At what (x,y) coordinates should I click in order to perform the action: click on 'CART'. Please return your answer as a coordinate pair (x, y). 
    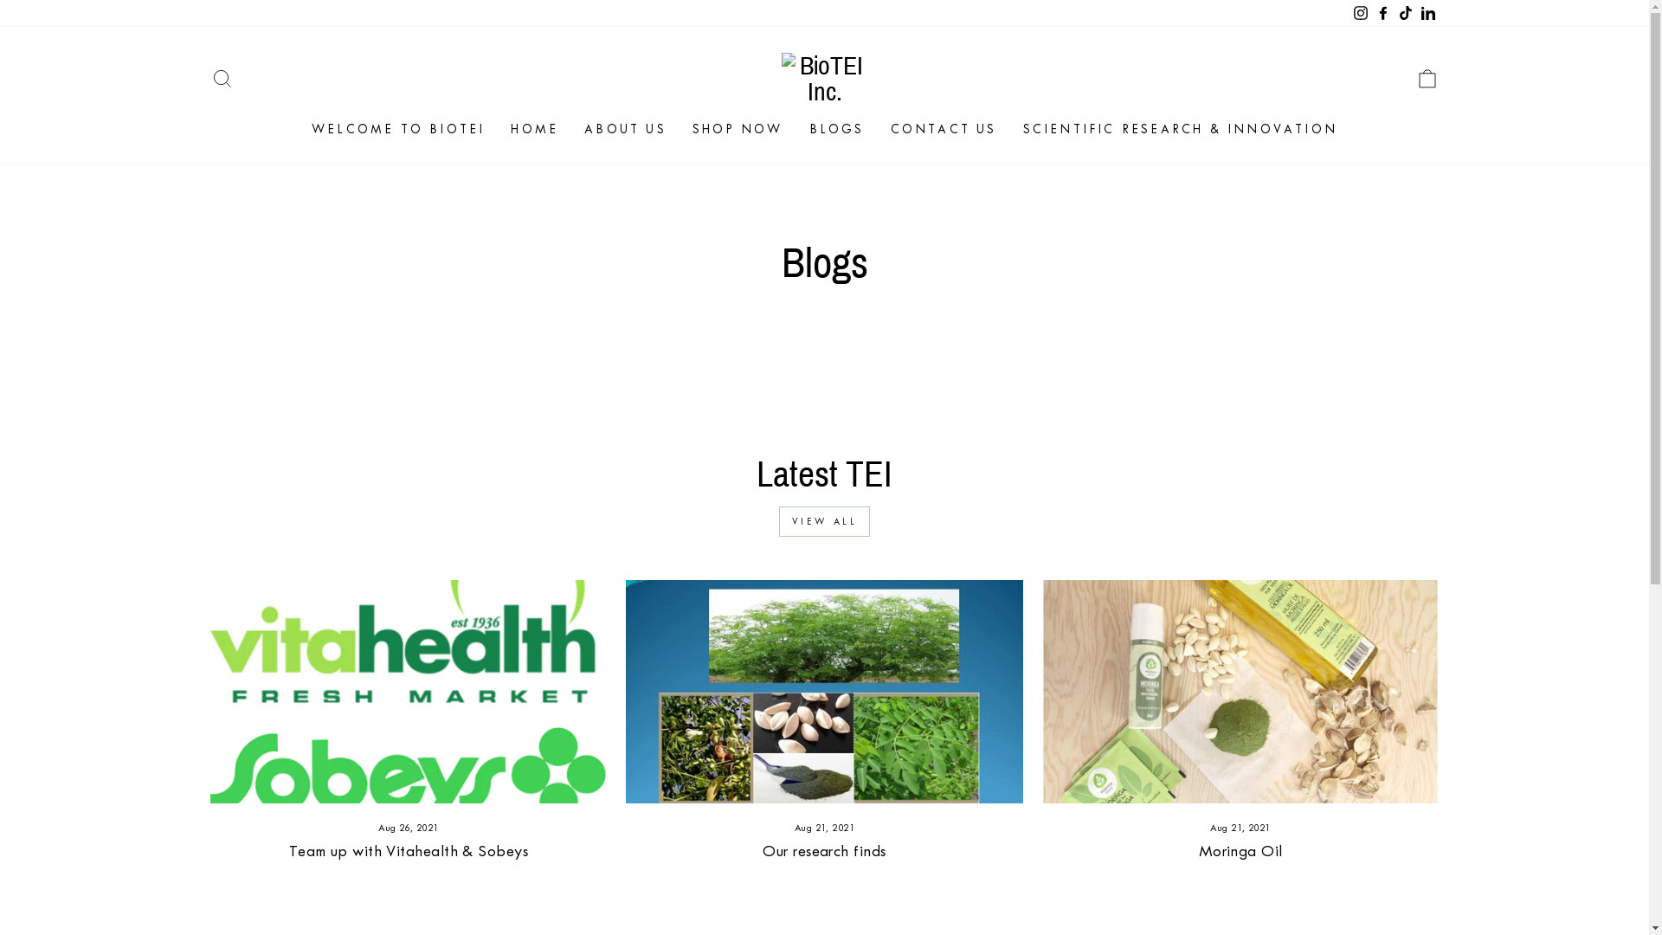
    Looking at the image, I should click on (1404, 79).